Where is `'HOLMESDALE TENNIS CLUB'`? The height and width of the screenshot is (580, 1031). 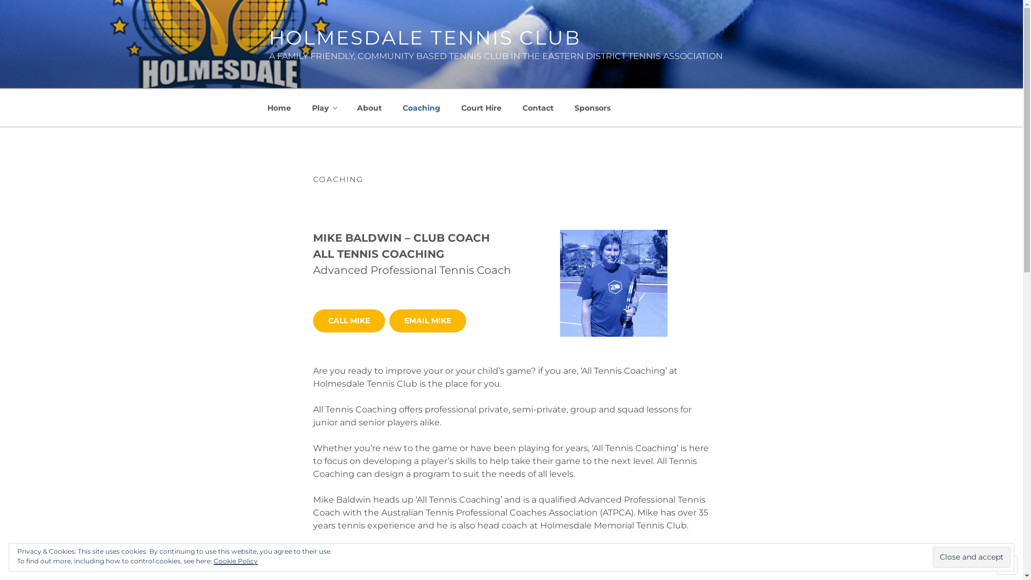 'HOLMESDALE TENNIS CLUB' is located at coordinates (424, 37).